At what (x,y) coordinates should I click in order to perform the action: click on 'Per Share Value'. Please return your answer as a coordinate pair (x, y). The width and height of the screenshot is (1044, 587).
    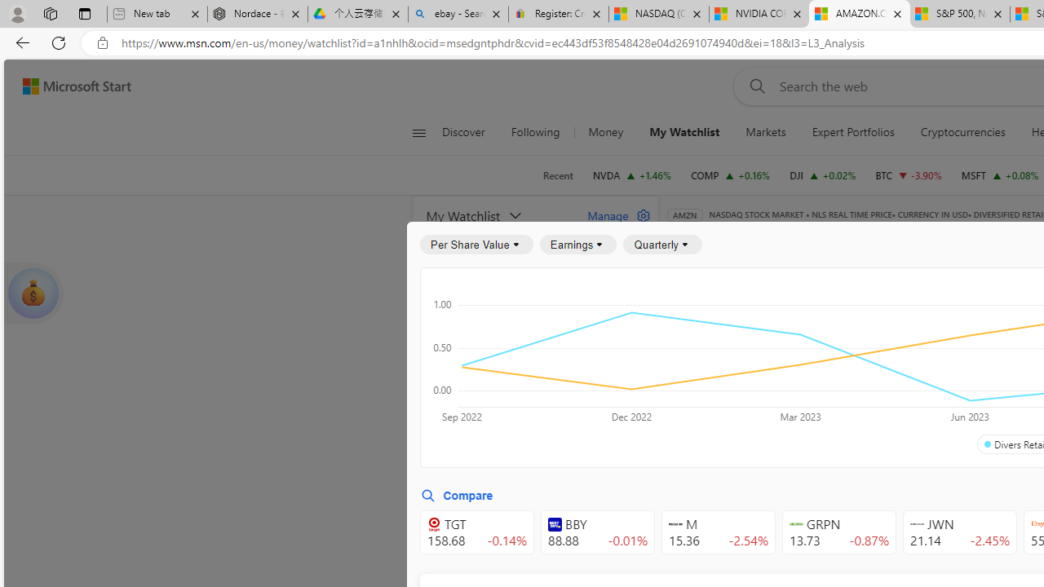
    Looking at the image, I should click on (476, 245).